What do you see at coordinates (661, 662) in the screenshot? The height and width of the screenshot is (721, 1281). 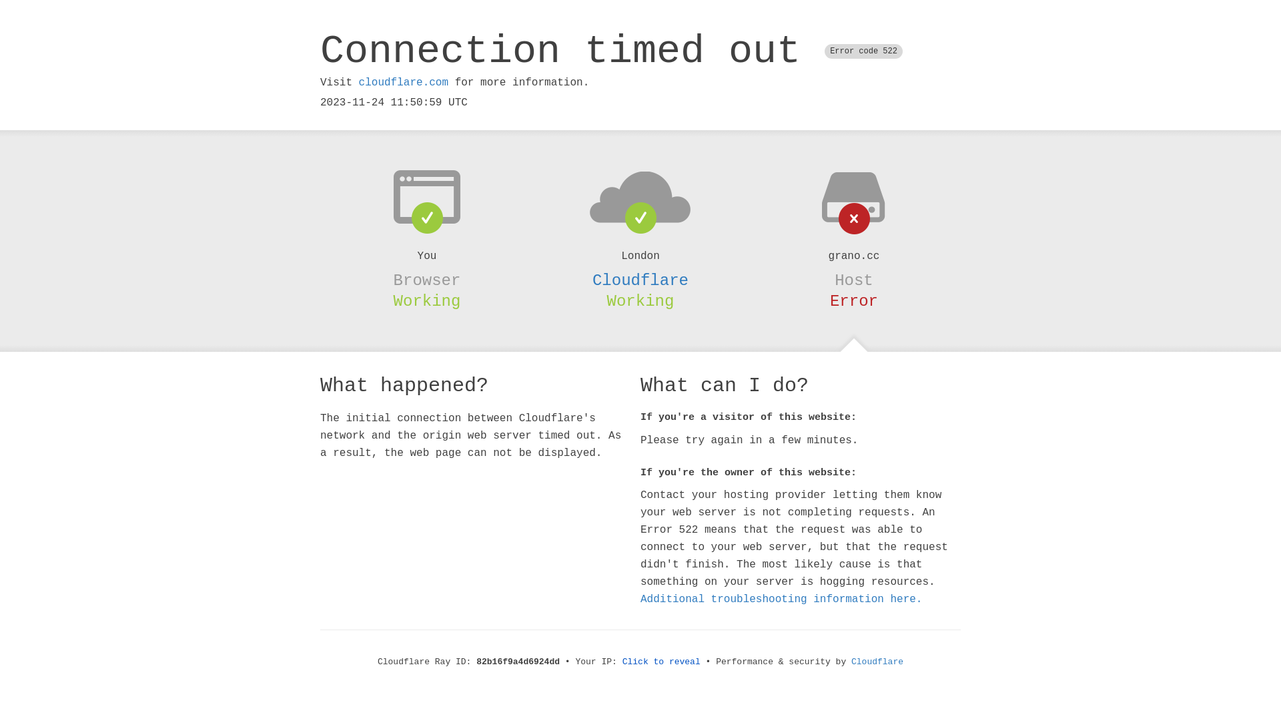 I see `'Click to reveal'` at bounding box center [661, 662].